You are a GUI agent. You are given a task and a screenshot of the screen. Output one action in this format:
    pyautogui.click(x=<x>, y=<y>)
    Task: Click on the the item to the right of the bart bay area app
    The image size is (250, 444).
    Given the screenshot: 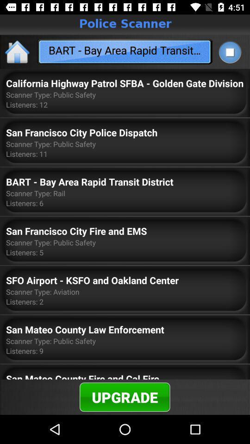 What is the action you would take?
    pyautogui.click(x=229, y=52)
    